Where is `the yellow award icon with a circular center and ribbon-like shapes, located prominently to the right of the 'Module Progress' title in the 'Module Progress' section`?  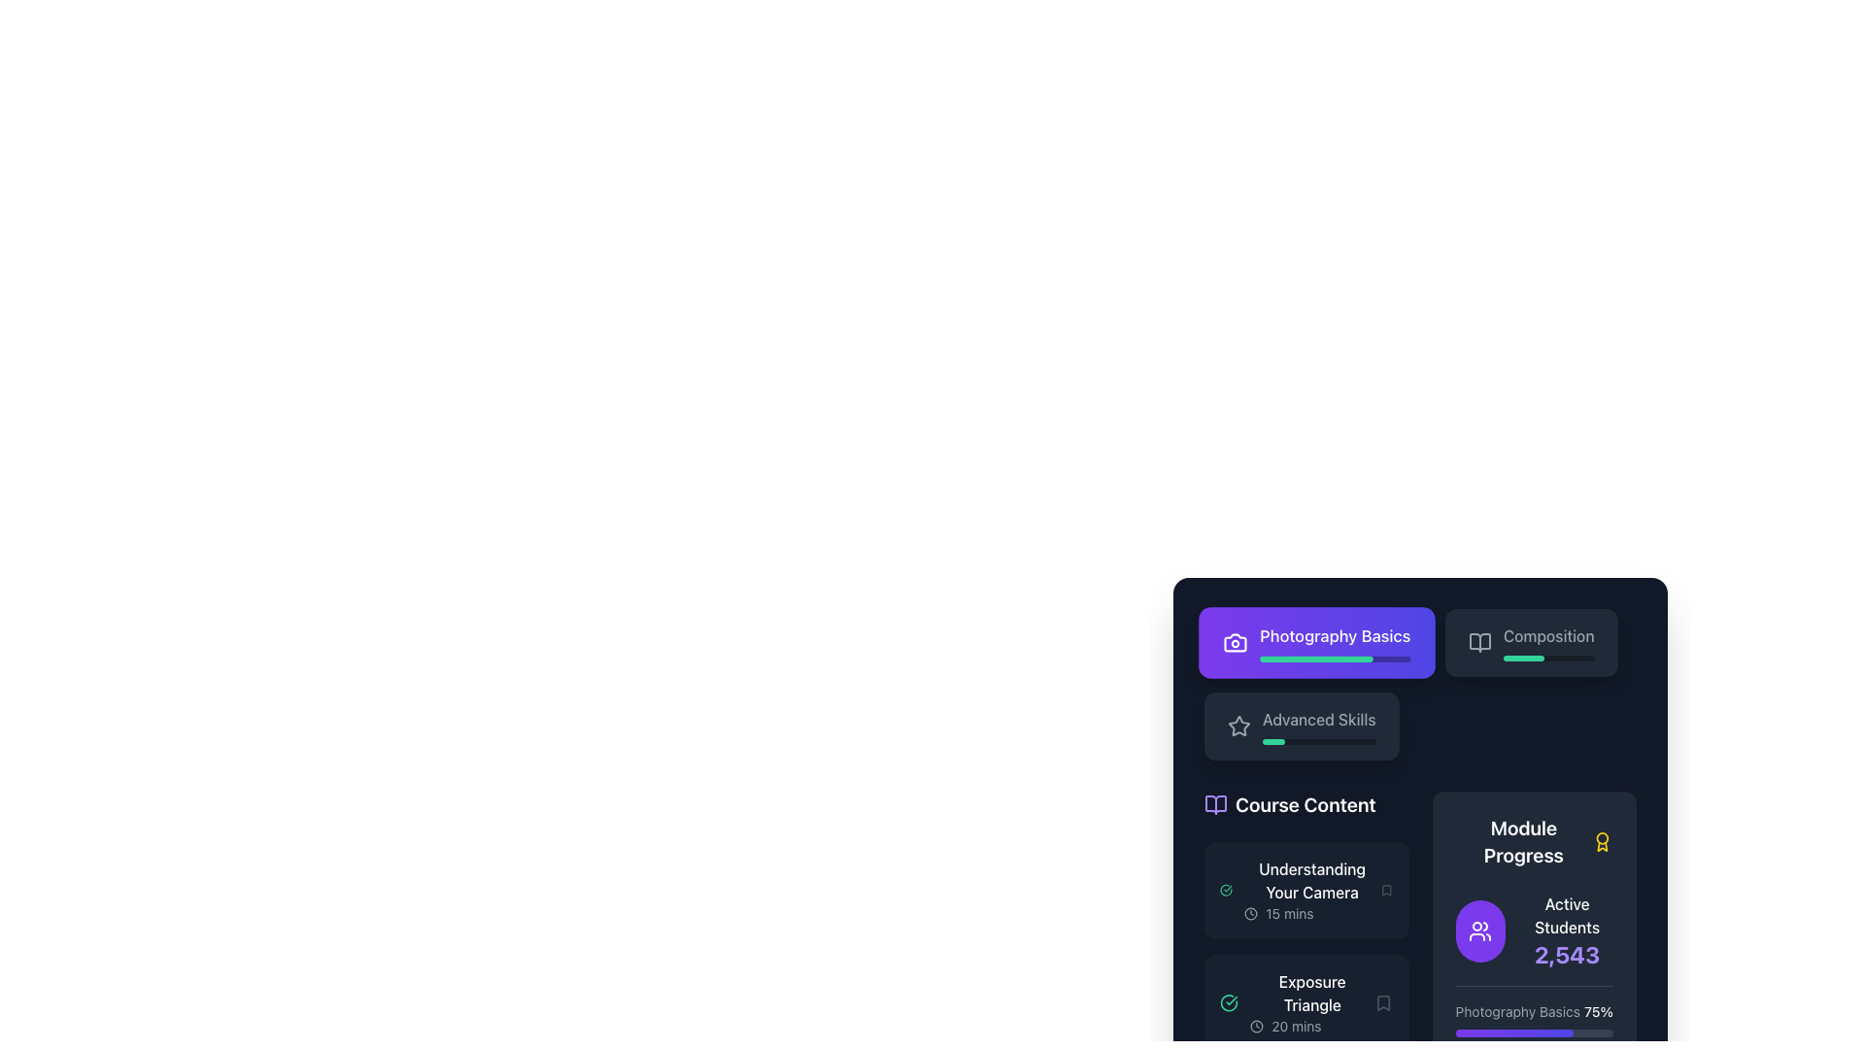
the yellow award icon with a circular center and ribbon-like shapes, located prominently to the right of the 'Module Progress' title in the 'Module Progress' section is located at coordinates (1603, 841).